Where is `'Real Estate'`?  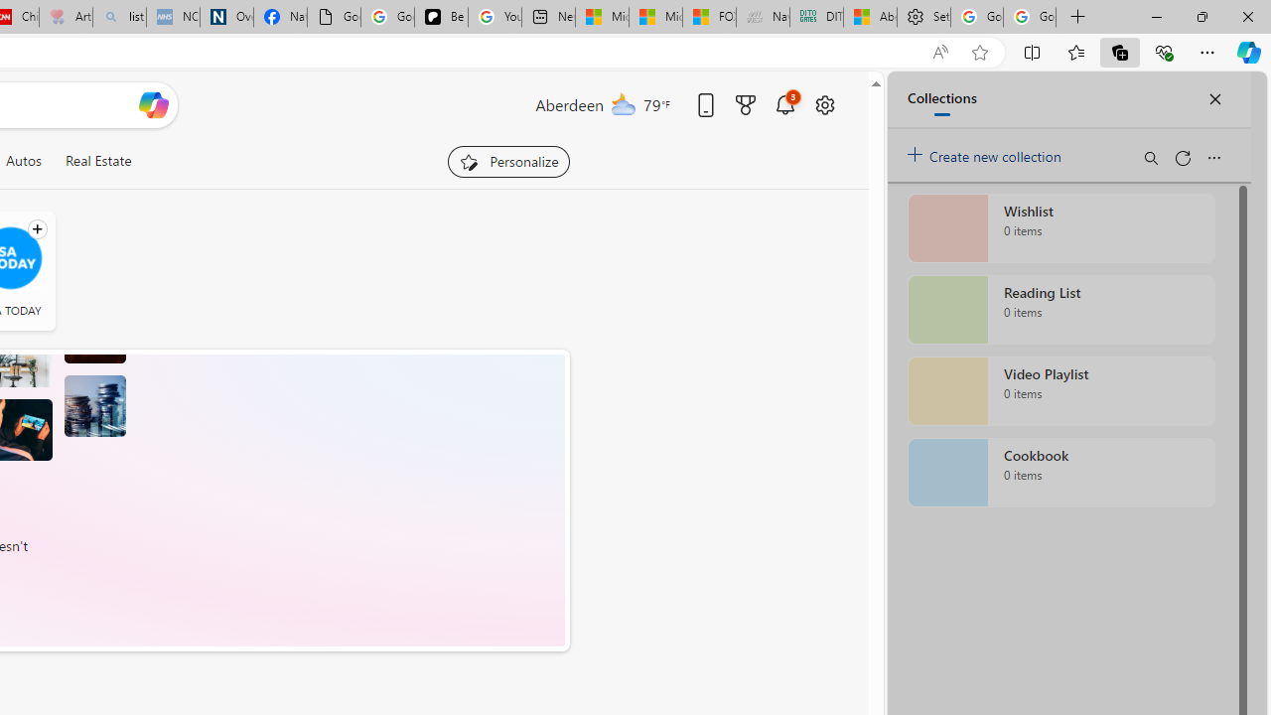
'Real Estate' is located at coordinates (96, 160).